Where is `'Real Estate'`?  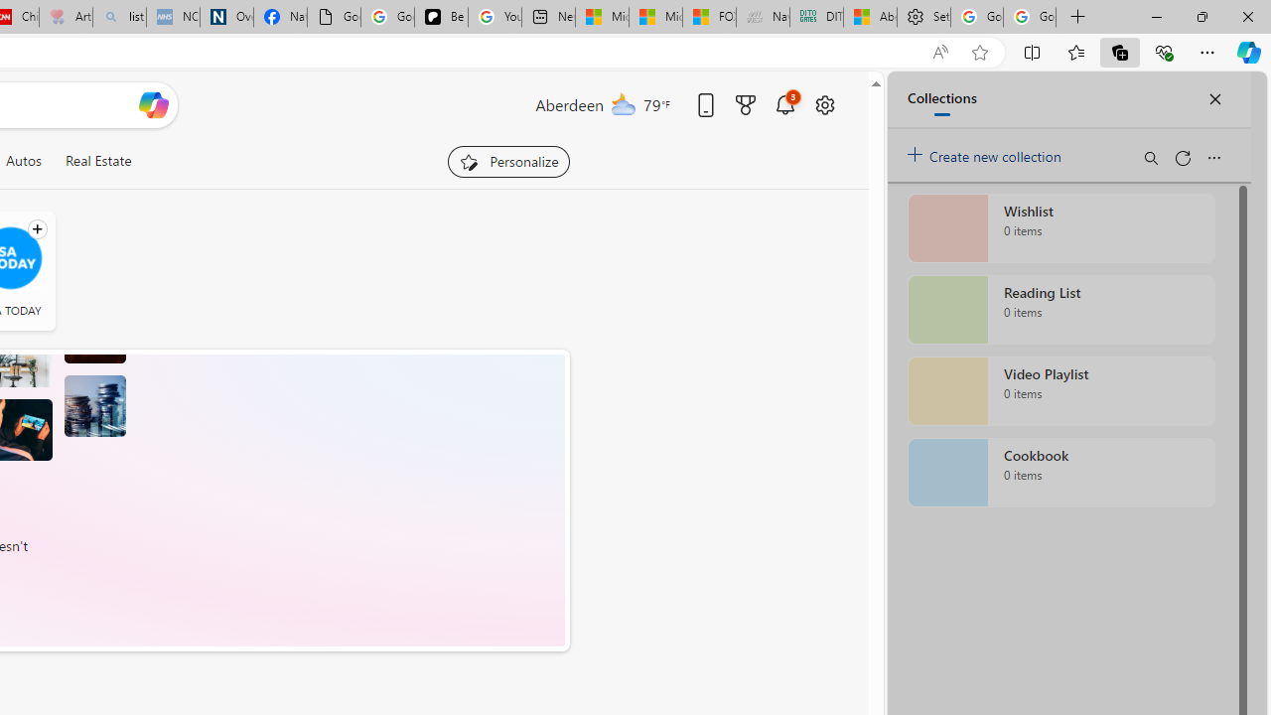
'Real Estate' is located at coordinates (96, 160).